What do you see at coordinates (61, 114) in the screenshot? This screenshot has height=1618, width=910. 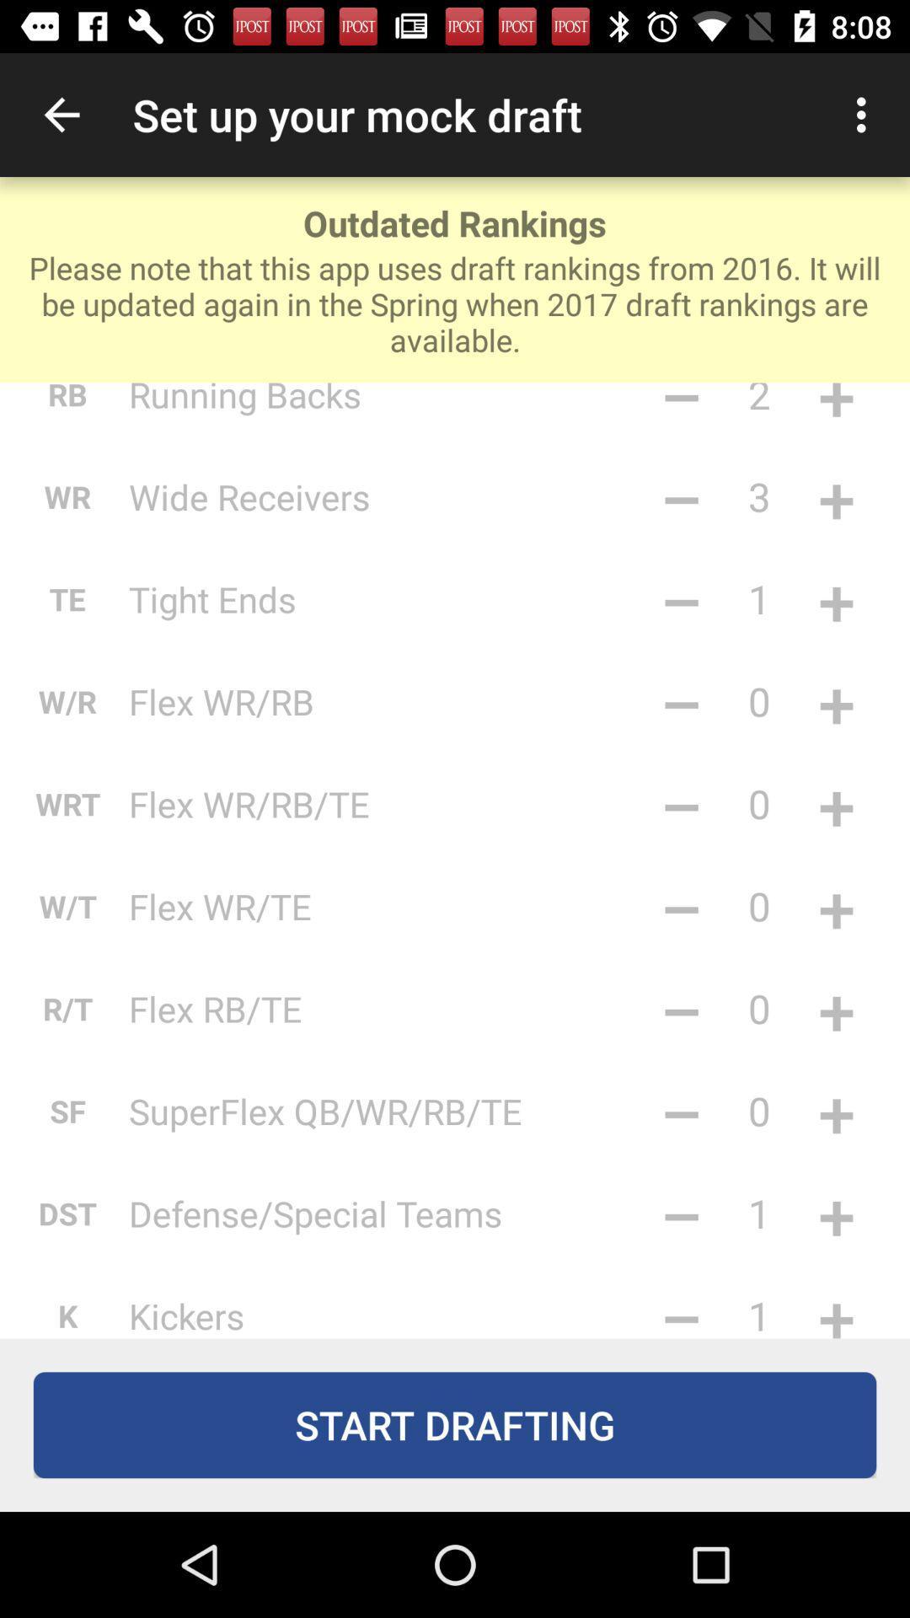 I see `item to the left of set up your app` at bounding box center [61, 114].